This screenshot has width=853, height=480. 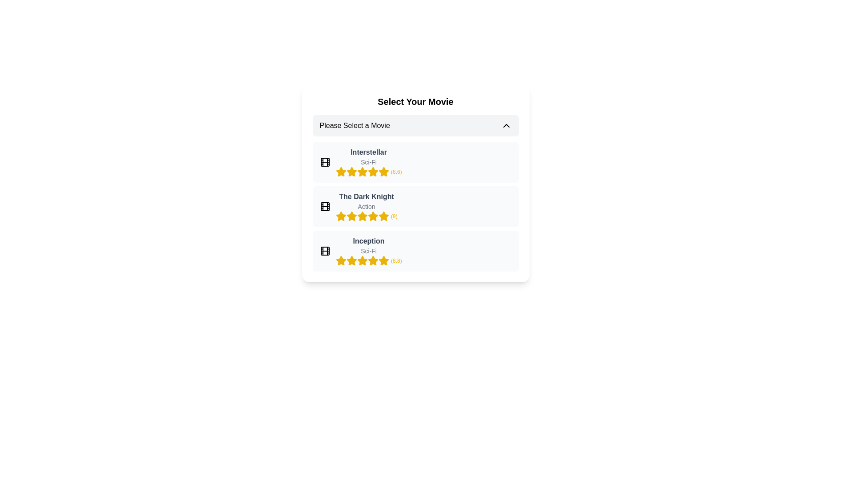 I want to click on the dropdown button labeled 'Please Select a Movie' by clicking it to reveal the movie options, so click(x=415, y=125).